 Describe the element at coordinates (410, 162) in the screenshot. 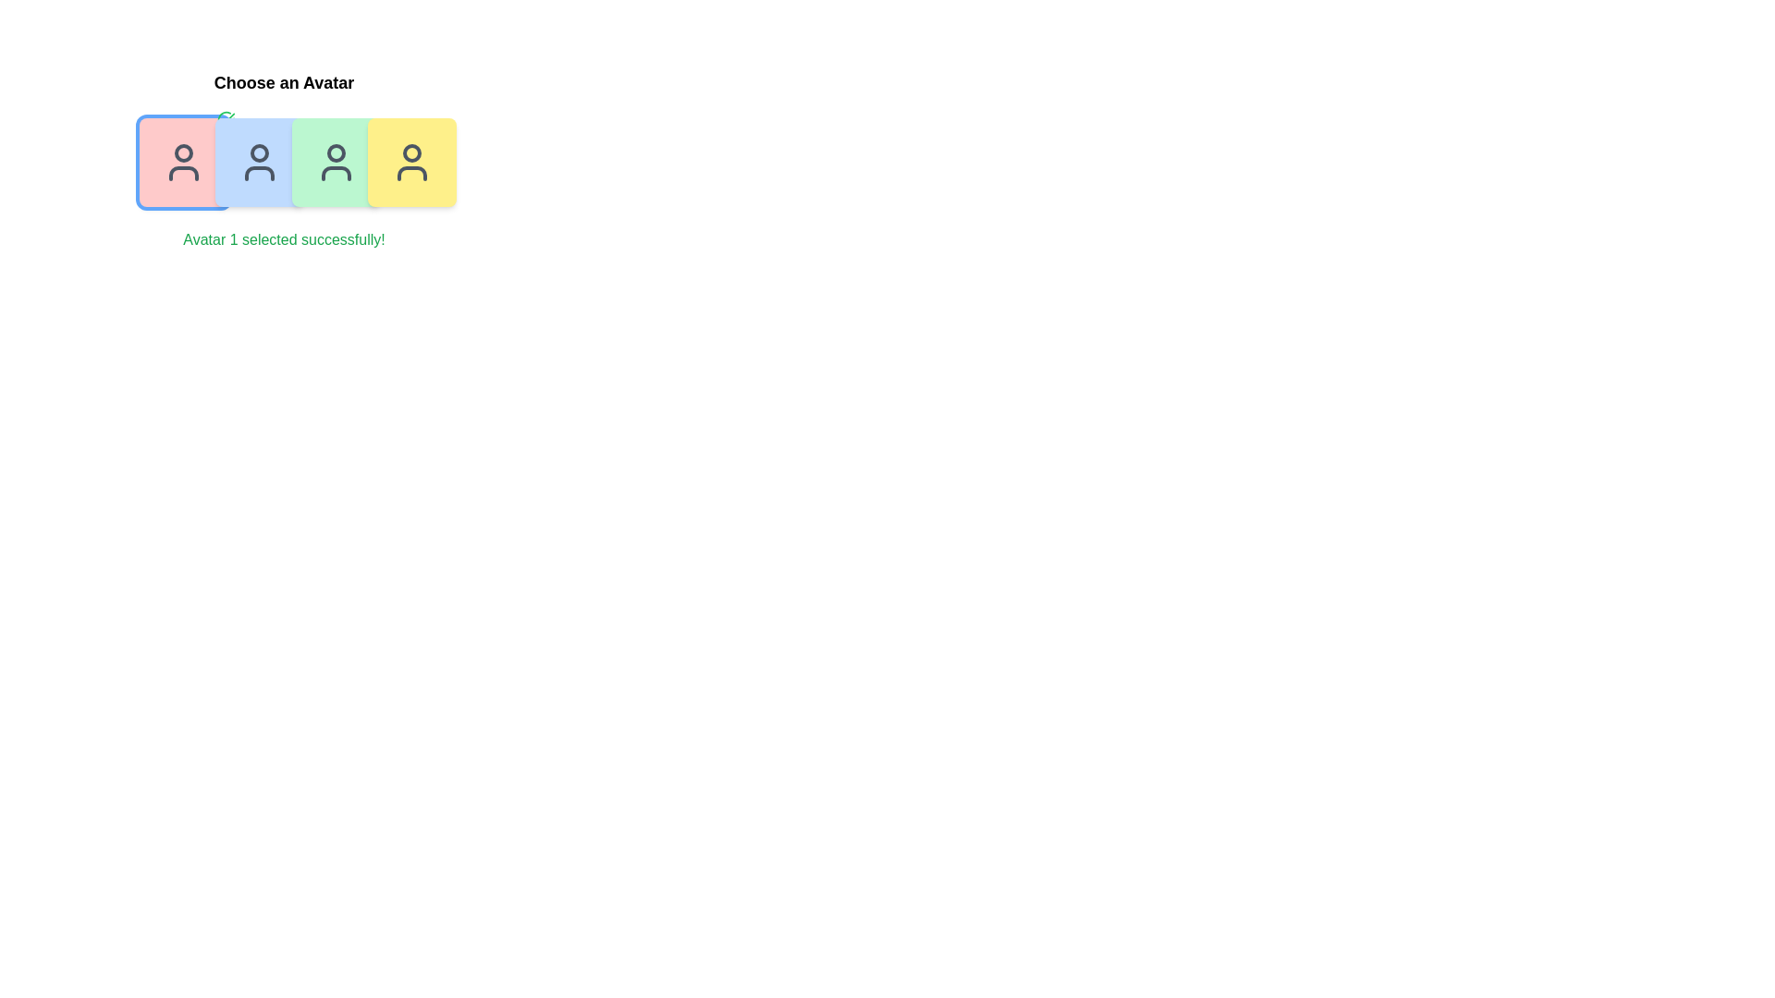

I see `the selectable avatar icon located at the far-right end of the row, which is the fourth avatar option from the left` at that location.